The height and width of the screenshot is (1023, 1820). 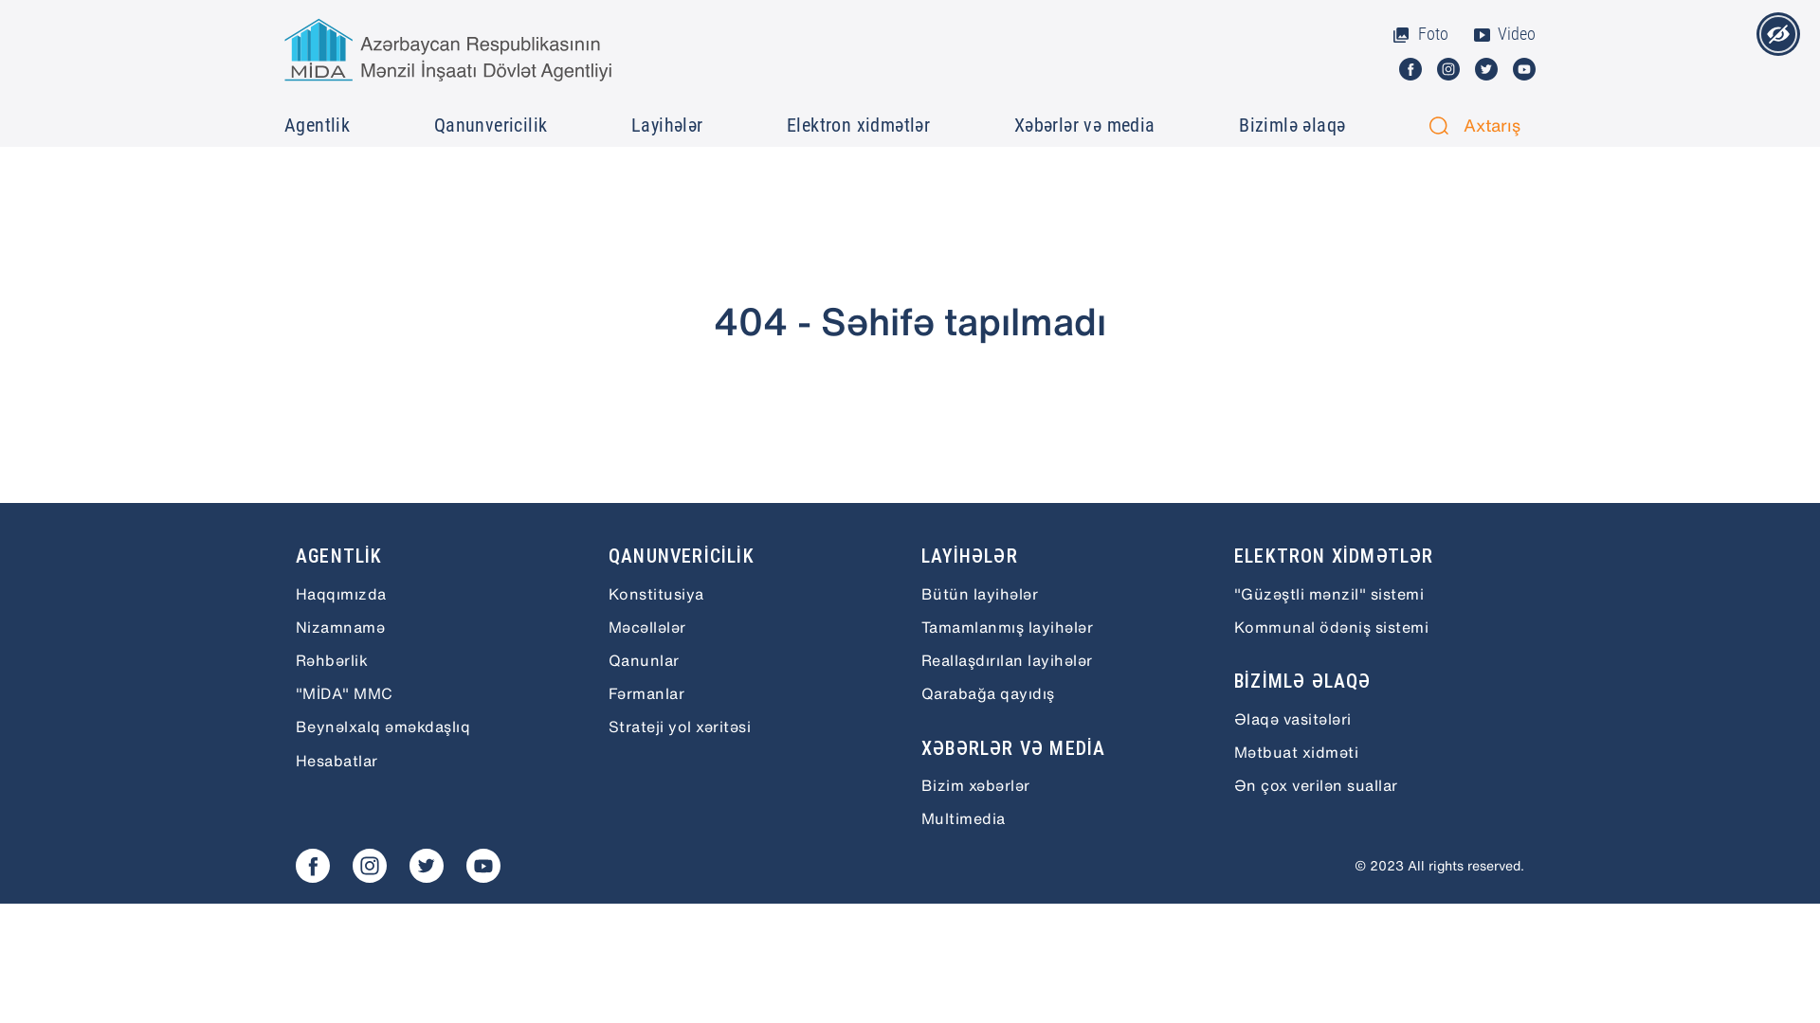 I want to click on 'Qanunvericilik', so click(x=493, y=124).